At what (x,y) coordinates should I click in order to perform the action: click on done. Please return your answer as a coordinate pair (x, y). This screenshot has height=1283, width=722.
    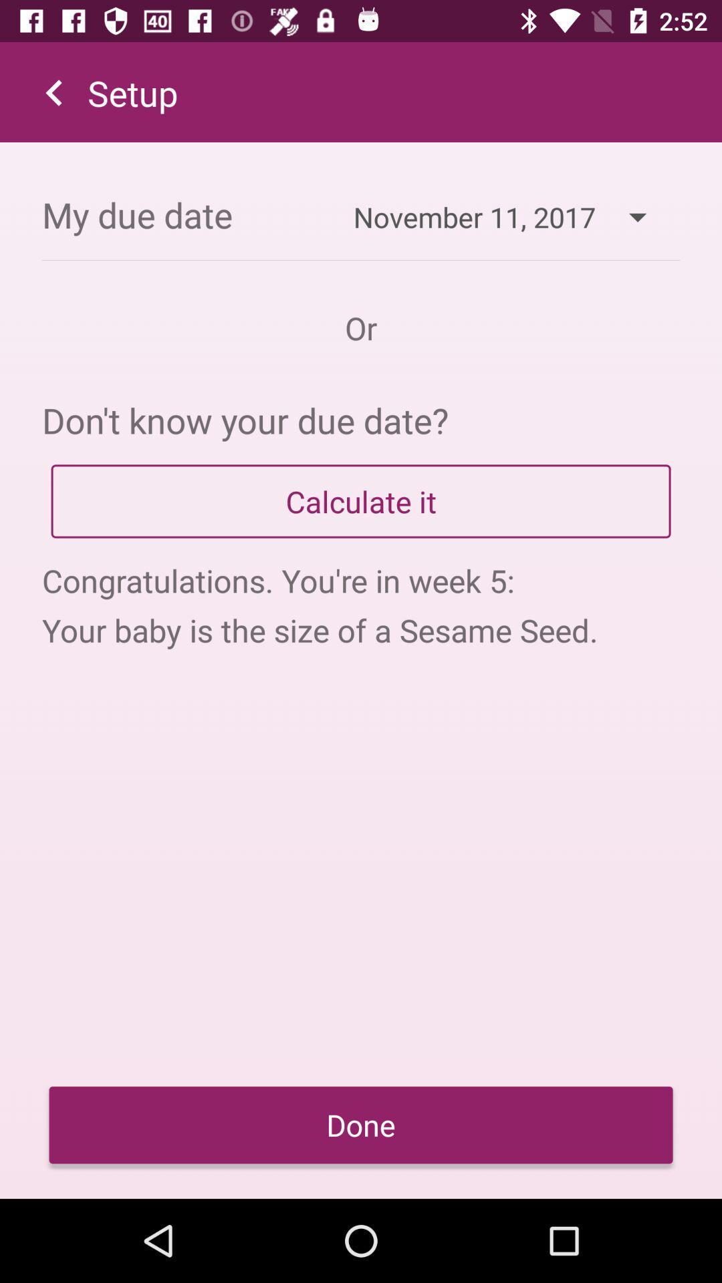
    Looking at the image, I should click on (361, 1124).